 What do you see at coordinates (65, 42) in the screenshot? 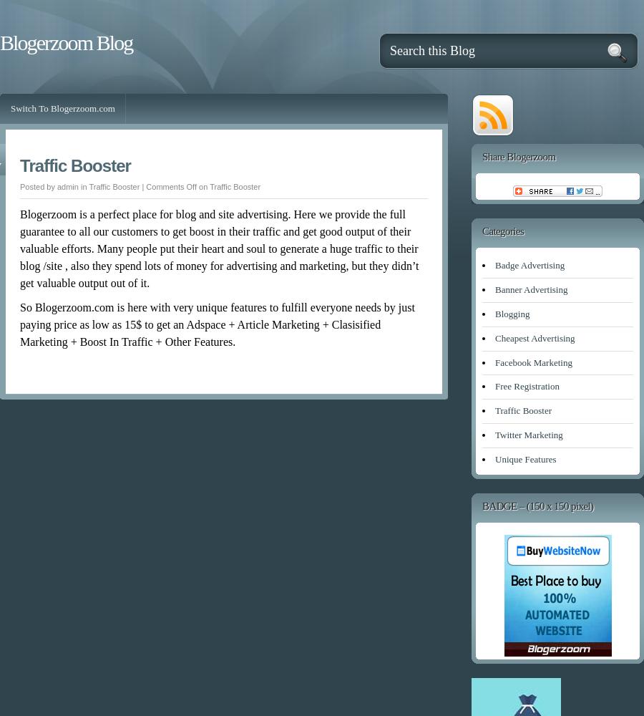
I see `'Blogerzoom Blog'` at bounding box center [65, 42].